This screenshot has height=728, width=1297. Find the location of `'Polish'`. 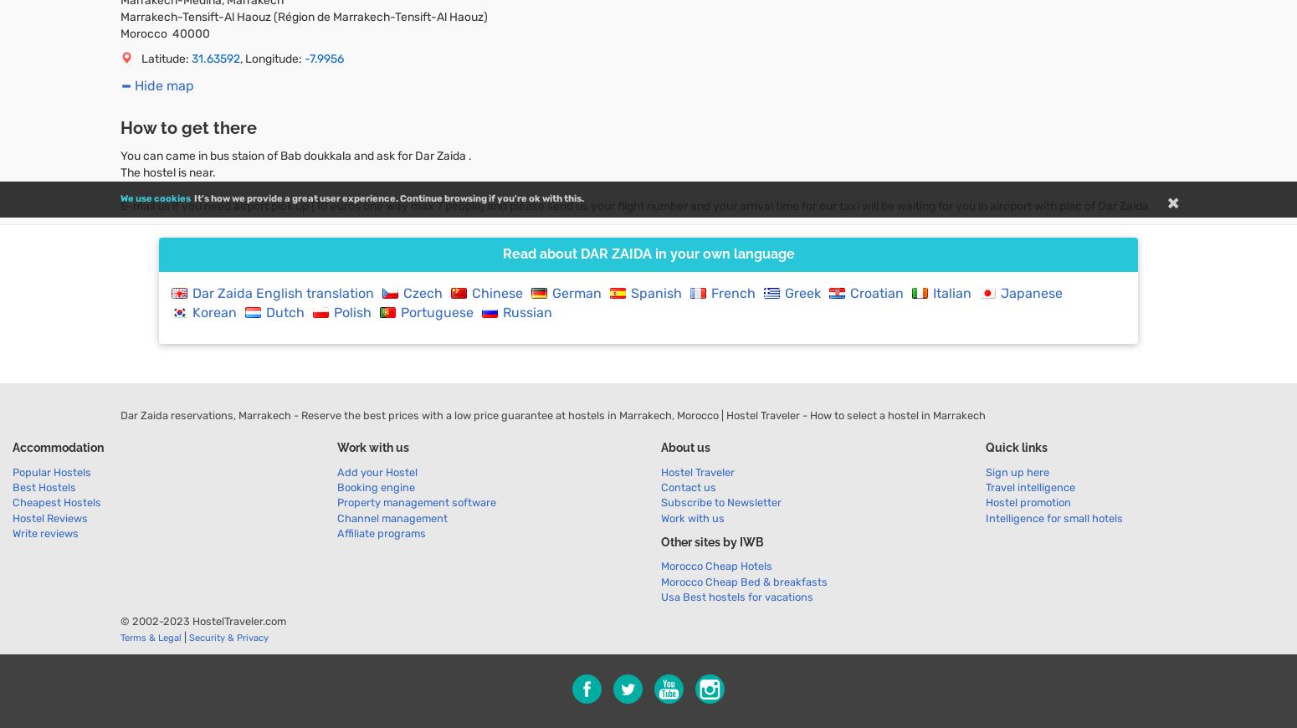

'Polish' is located at coordinates (352, 311).